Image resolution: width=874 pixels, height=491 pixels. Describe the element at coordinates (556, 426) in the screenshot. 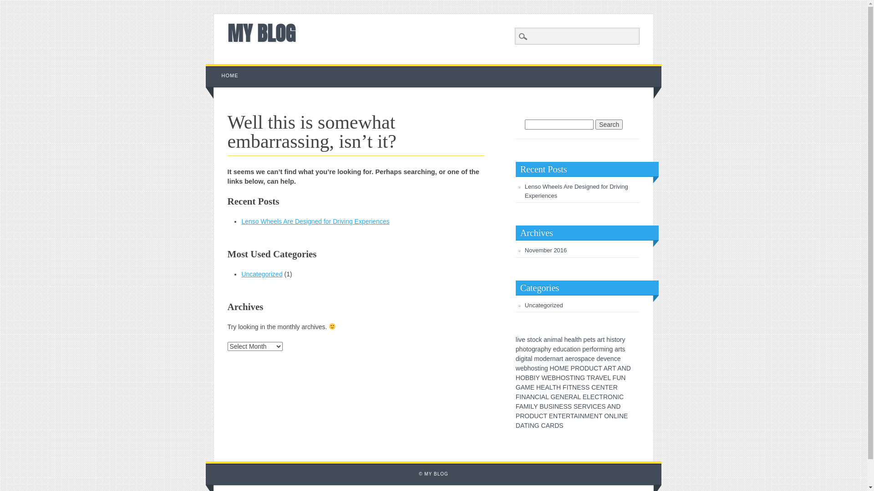

I see `'D'` at that location.